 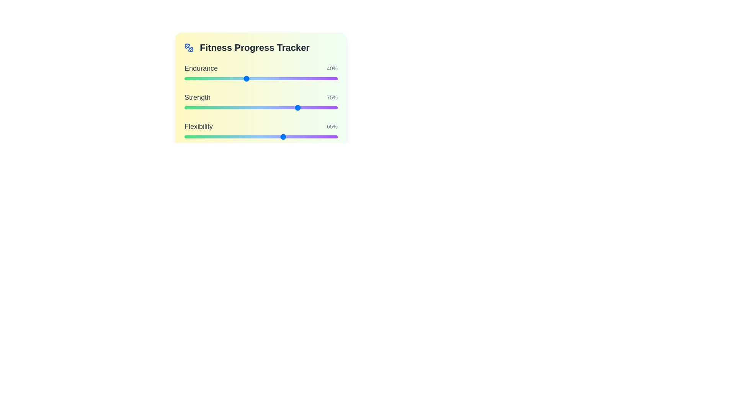 I want to click on flexibility value, so click(x=191, y=137).